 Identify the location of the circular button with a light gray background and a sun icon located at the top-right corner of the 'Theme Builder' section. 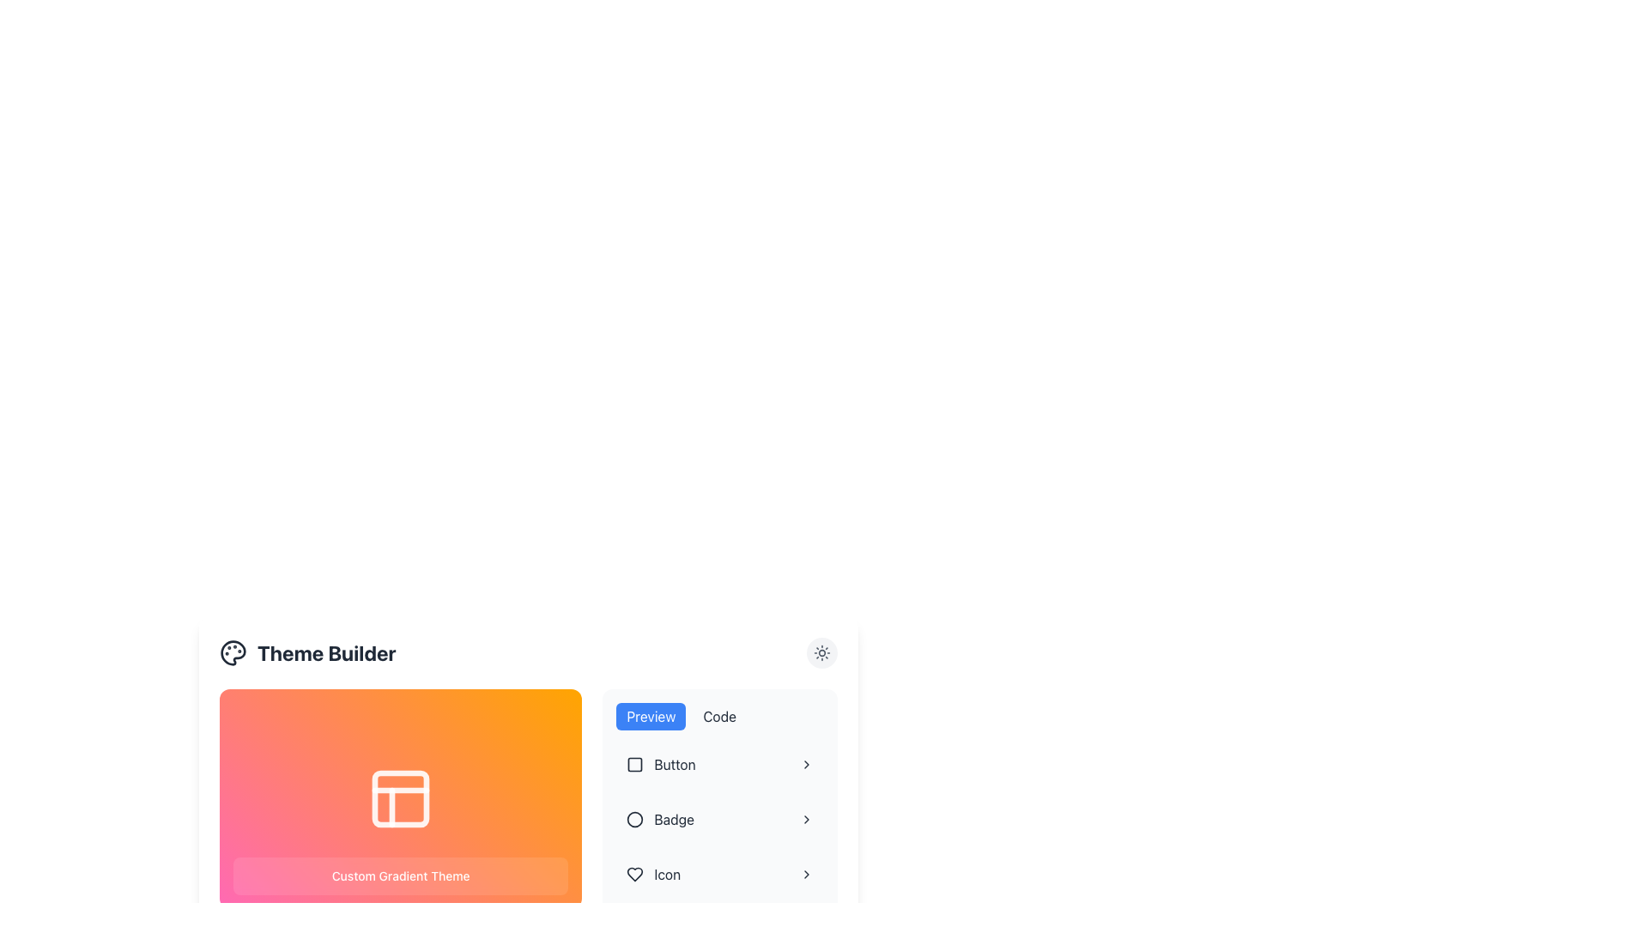
(821, 652).